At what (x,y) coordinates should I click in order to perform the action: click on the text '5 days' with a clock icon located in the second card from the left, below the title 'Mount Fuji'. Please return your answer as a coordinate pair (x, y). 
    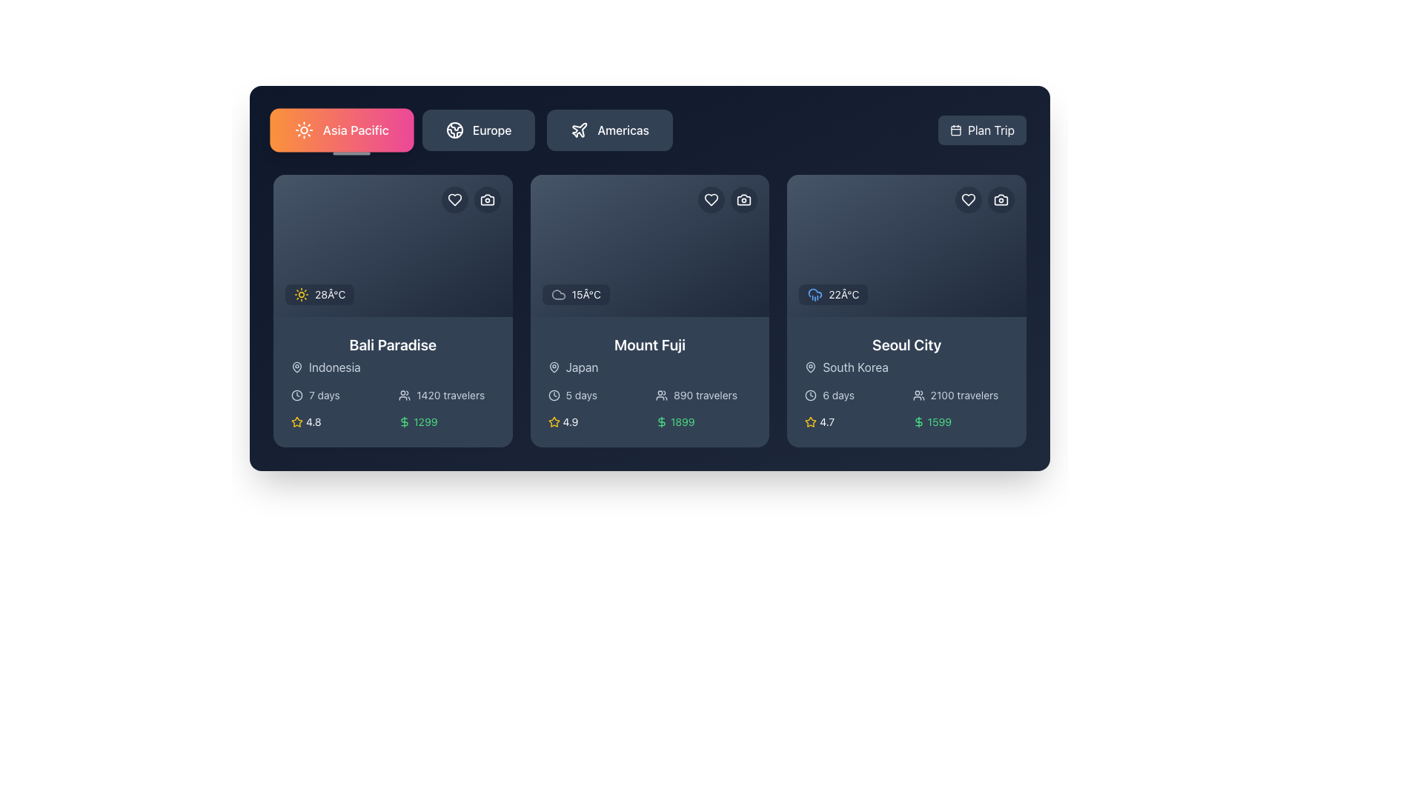
    Looking at the image, I should click on (596, 394).